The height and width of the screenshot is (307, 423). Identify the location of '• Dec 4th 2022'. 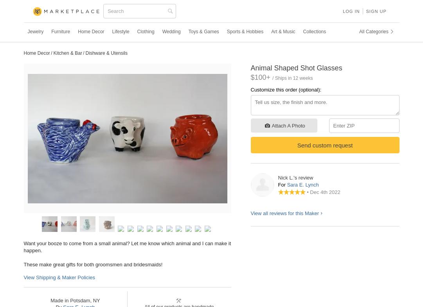
(323, 192).